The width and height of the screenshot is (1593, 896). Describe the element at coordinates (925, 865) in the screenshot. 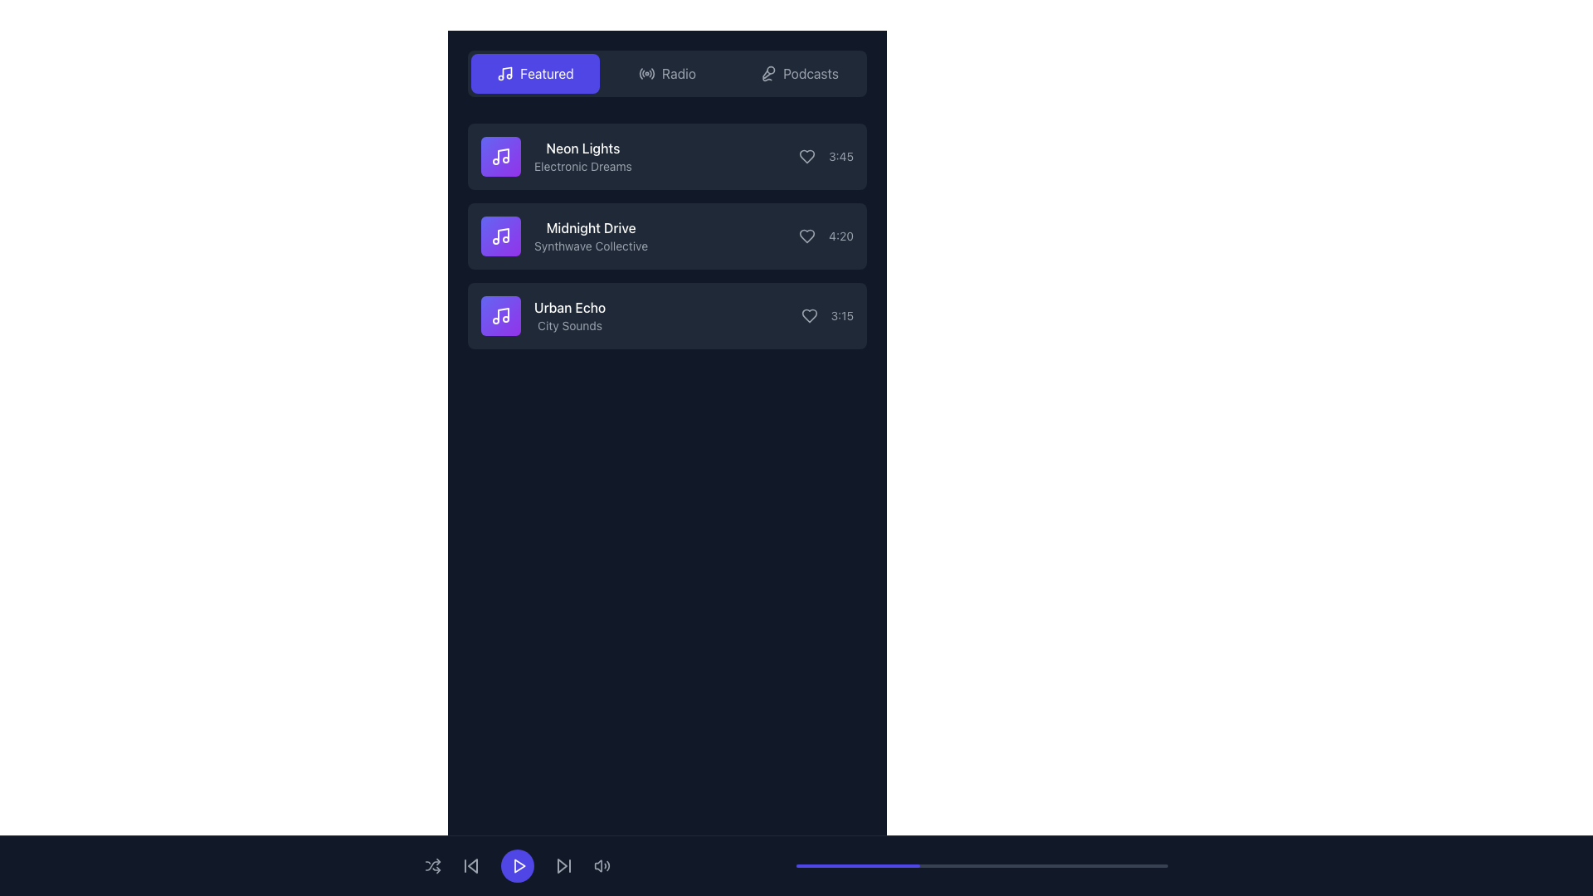

I see `progress` at that location.